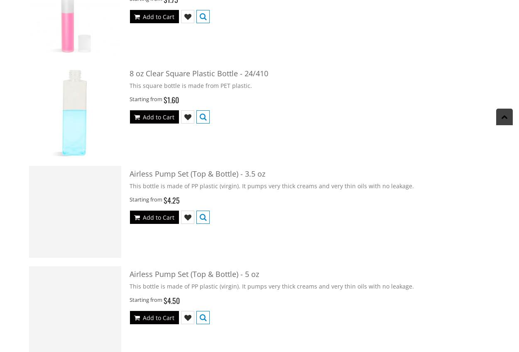  What do you see at coordinates (130, 85) in the screenshot?
I see `'This square bottle is made from PET plastic.'` at bounding box center [130, 85].